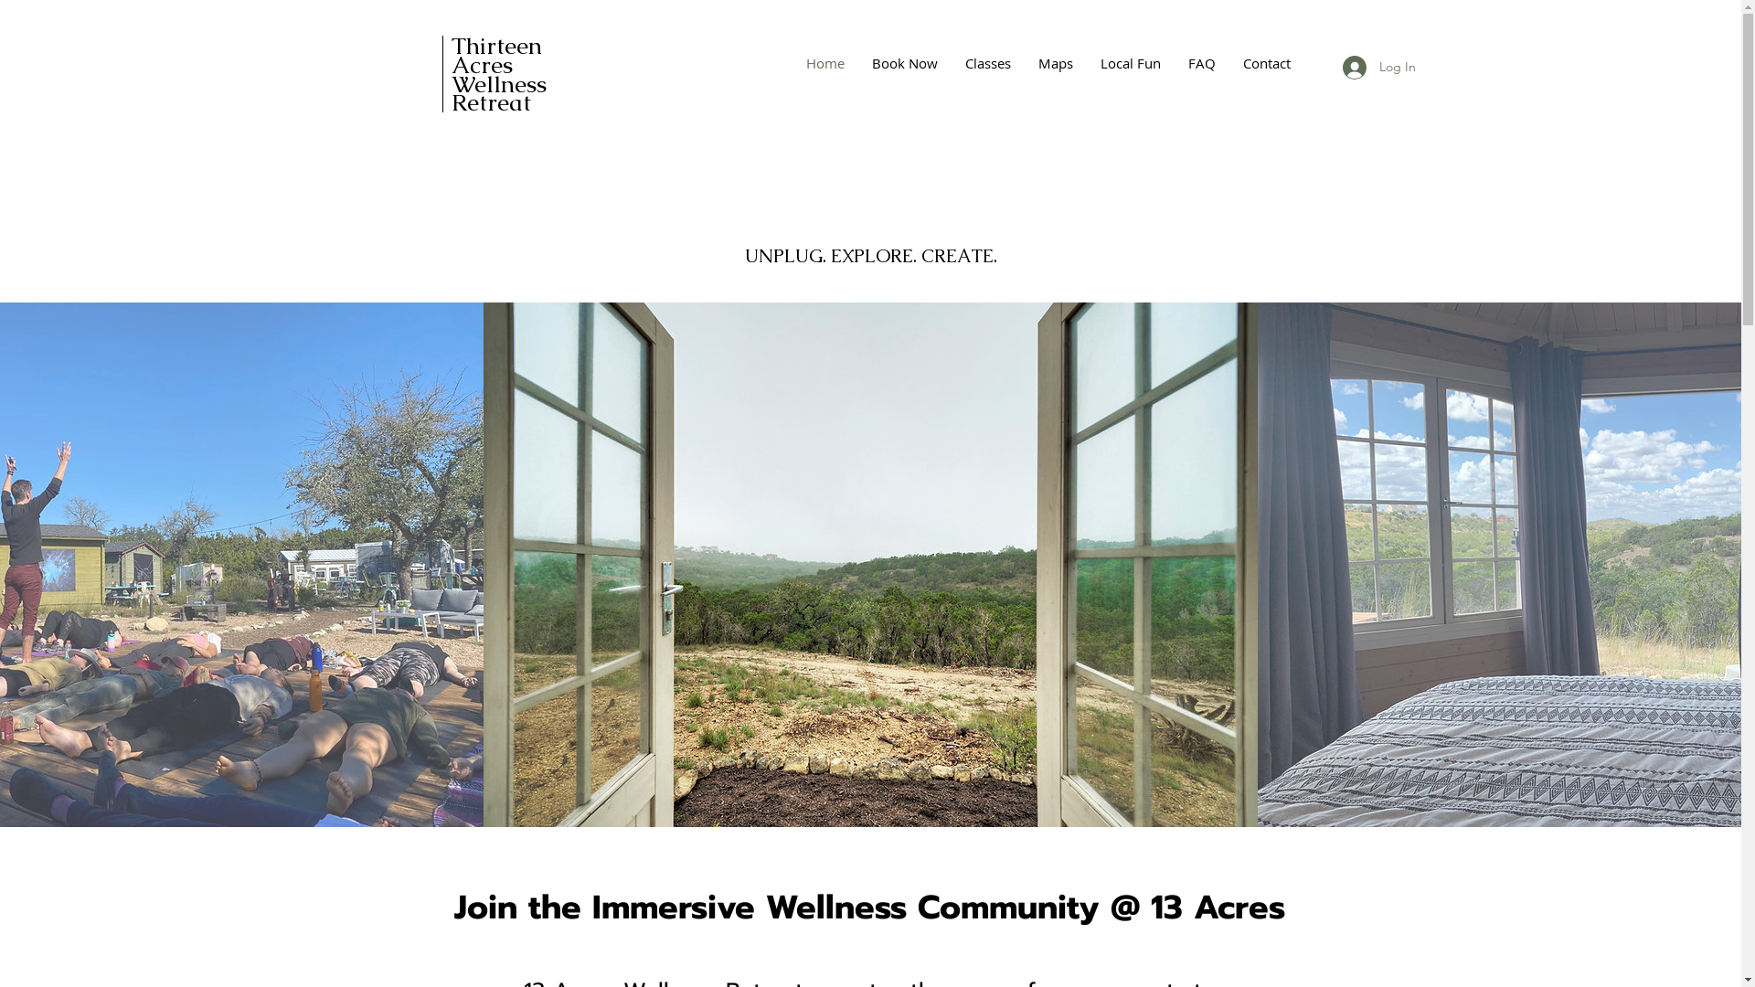 The width and height of the screenshot is (1755, 987). Describe the element at coordinates (1265, 62) in the screenshot. I see `'Contact'` at that location.